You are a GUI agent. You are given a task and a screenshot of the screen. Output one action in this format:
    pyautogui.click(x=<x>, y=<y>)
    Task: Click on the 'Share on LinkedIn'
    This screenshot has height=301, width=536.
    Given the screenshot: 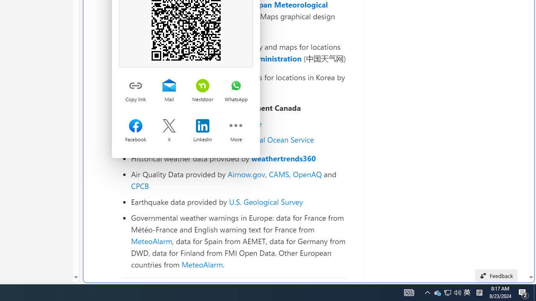 What is the action you would take?
    pyautogui.click(x=203, y=127)
    